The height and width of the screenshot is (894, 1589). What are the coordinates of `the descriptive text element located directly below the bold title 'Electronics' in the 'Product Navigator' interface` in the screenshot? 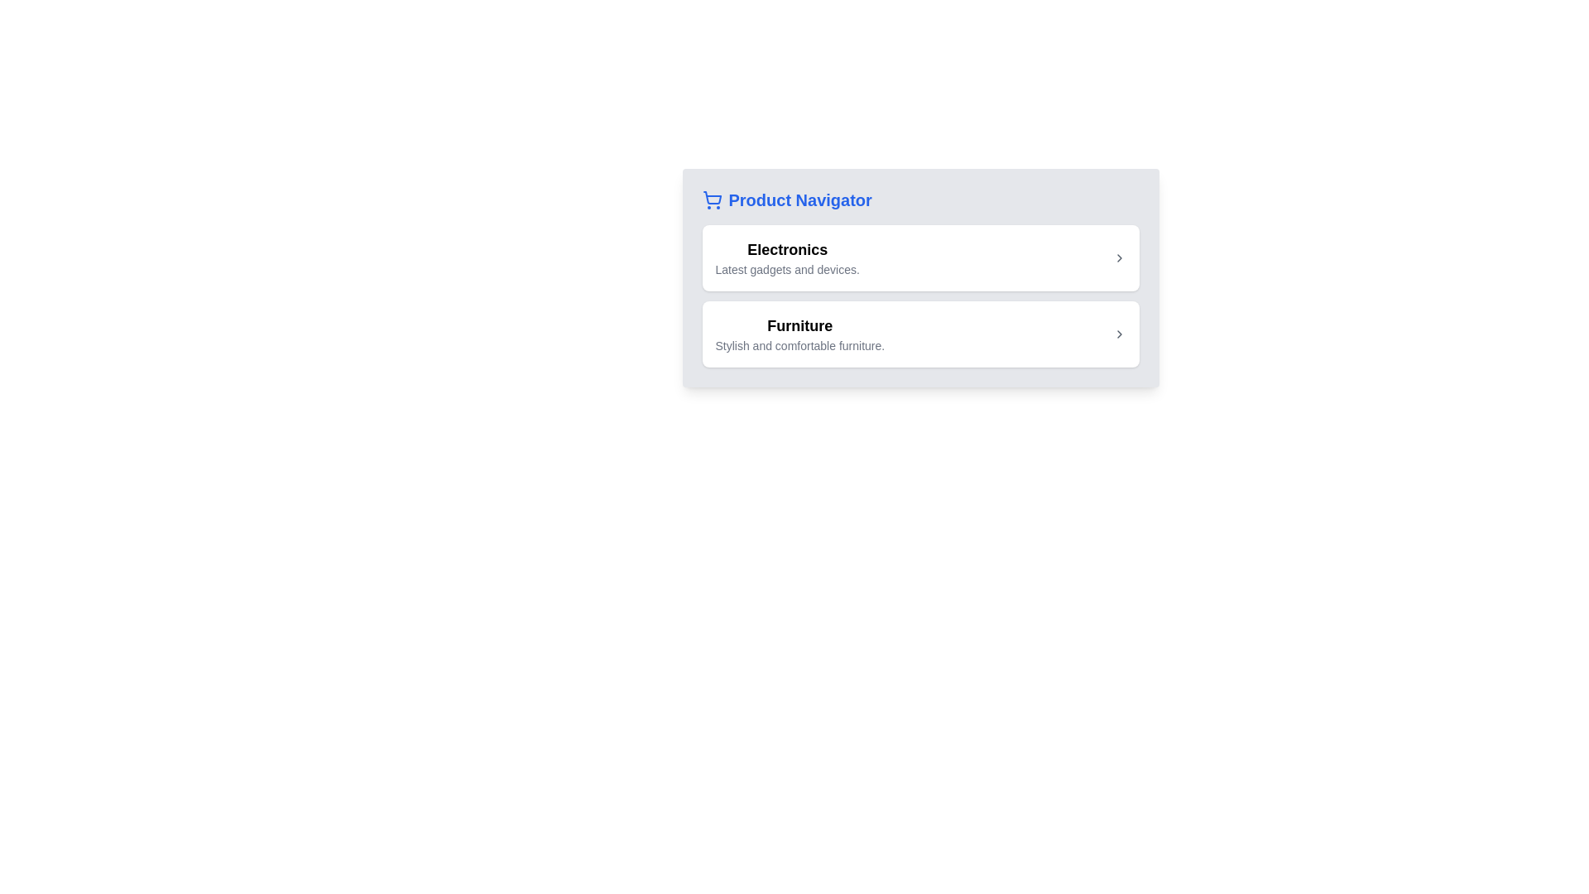 It's located at (786, 269).